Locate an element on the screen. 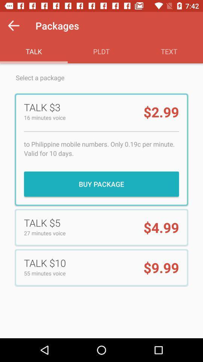  the buy package item is located at coordinates (101, 184).